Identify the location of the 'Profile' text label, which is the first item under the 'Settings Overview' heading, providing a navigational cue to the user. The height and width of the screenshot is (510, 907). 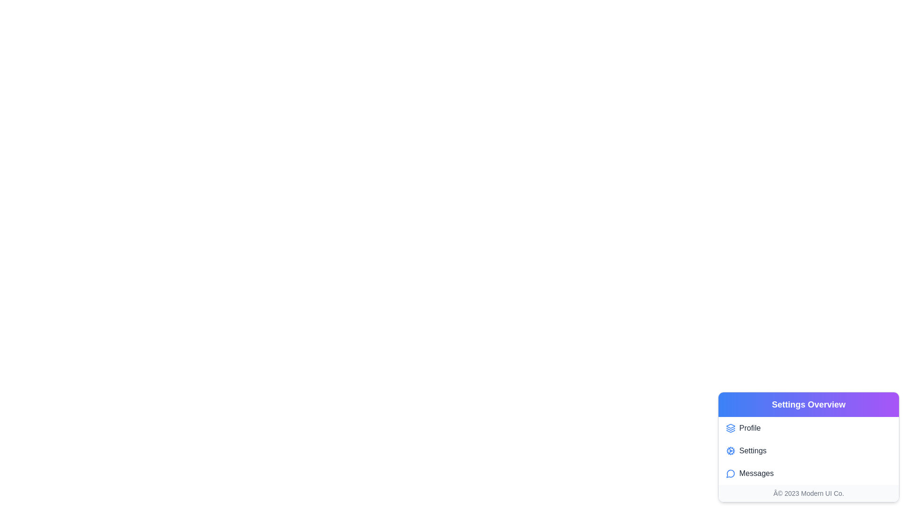
(749, 428).